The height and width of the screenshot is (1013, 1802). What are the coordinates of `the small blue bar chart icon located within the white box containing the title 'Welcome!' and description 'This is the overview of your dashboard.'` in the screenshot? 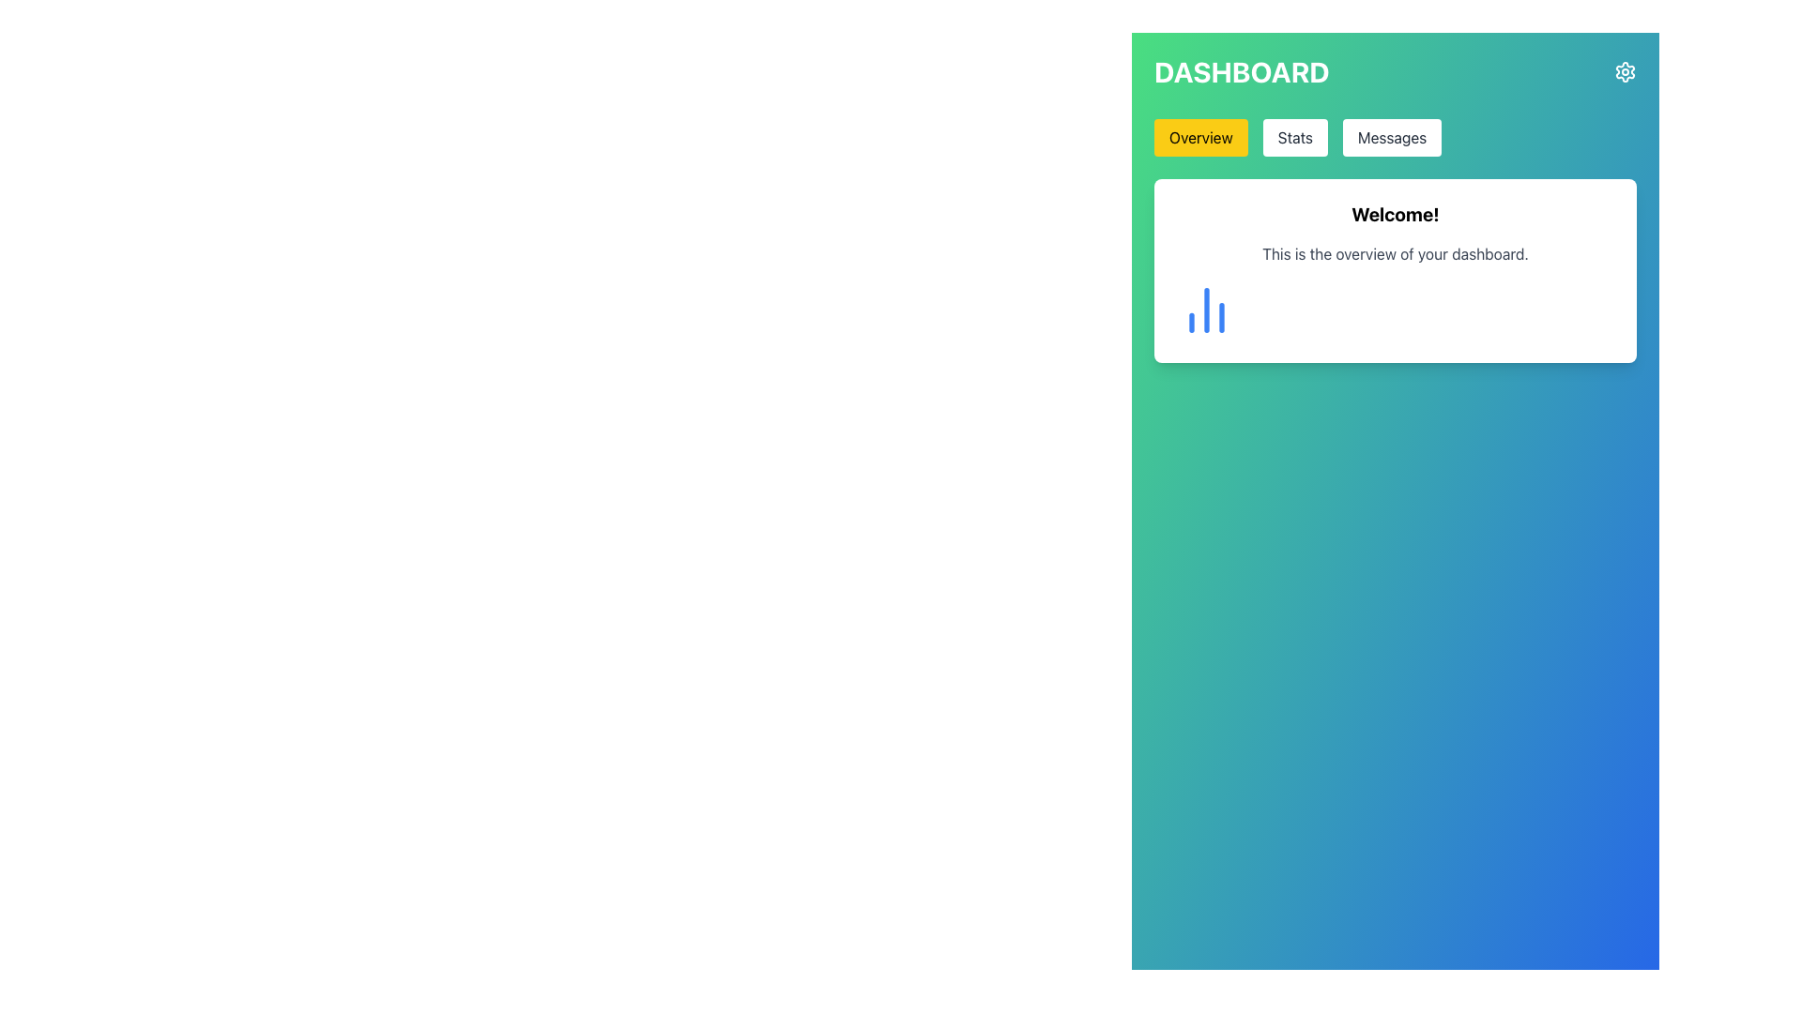 It's located at (1207, 310).